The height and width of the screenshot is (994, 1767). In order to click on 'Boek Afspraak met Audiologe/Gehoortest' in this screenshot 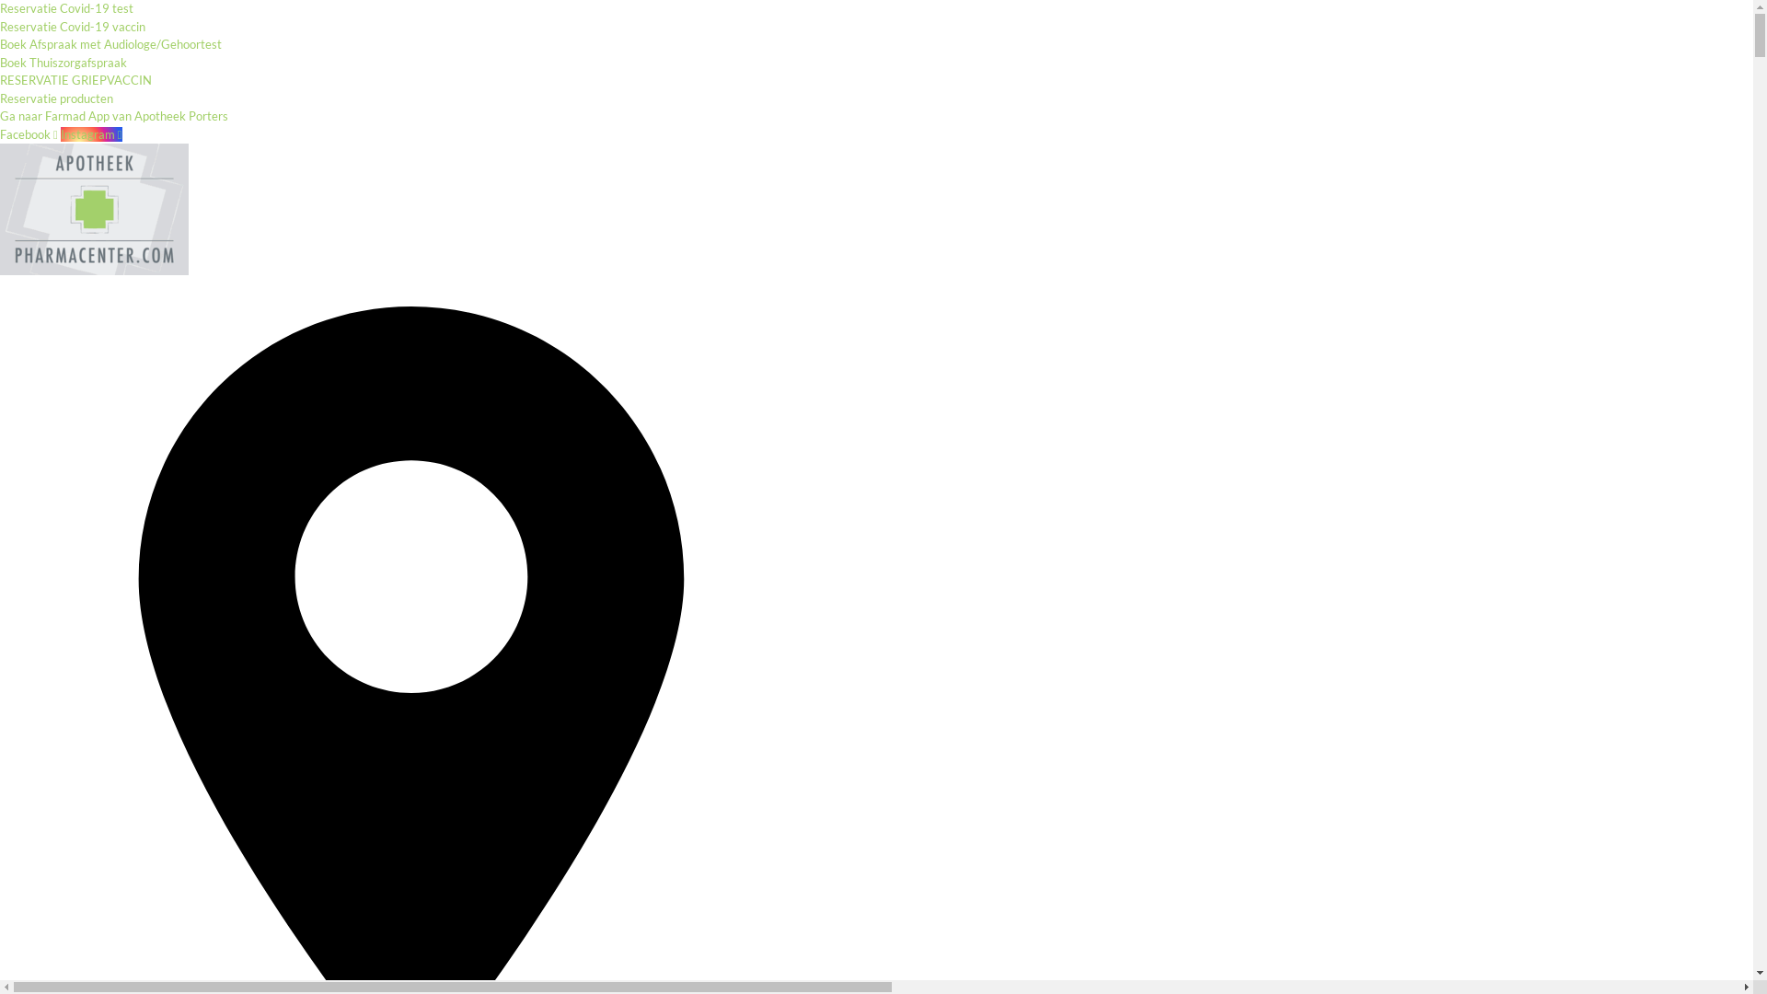, I will do `click(110, 42)`.